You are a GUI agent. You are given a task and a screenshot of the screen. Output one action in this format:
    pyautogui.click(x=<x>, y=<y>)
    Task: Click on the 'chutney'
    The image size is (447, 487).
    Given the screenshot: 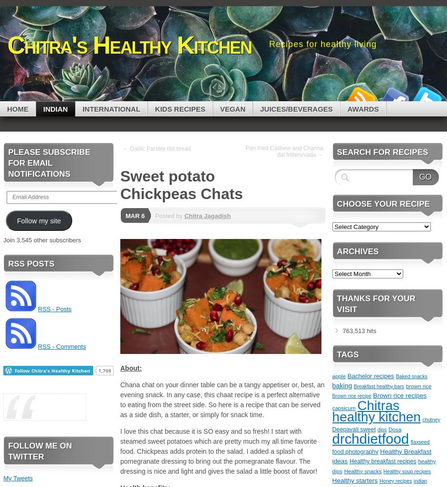 What is the action you would take?
    pyautogui.click(x=430, y=420)
    